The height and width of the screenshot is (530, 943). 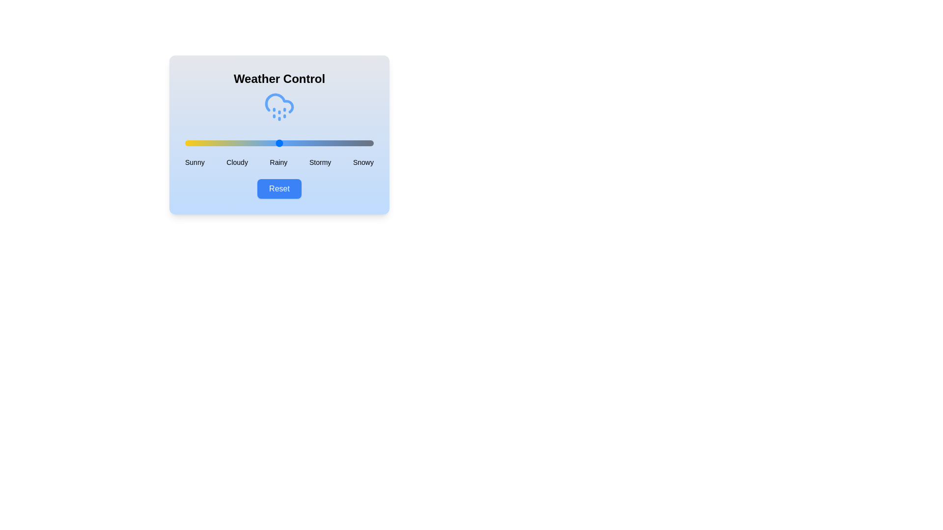 I want to click on the weather condition label Snowy to select it, so click(x=362, y=162).